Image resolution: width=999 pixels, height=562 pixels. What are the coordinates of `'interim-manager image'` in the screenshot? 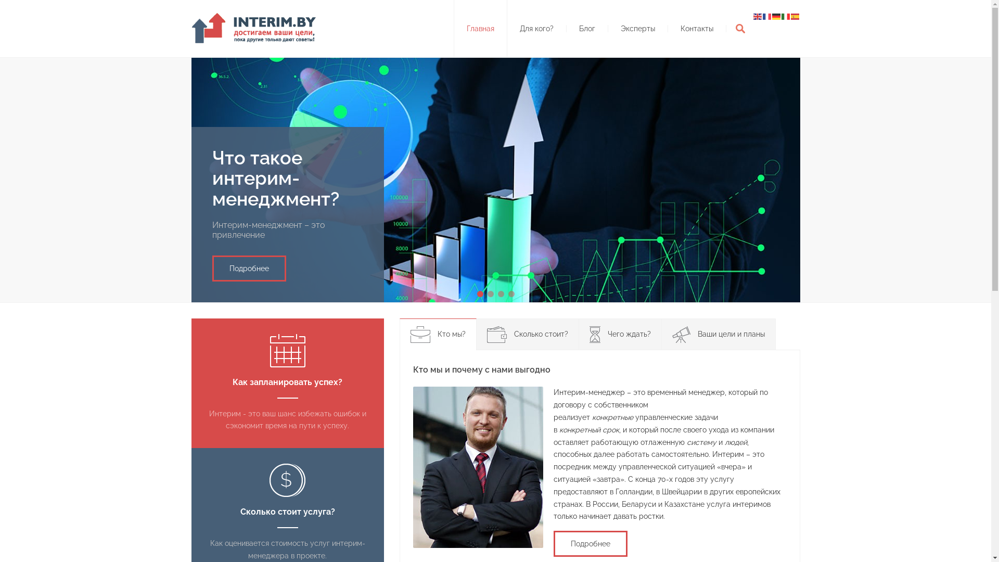 It's located at (477, 467).